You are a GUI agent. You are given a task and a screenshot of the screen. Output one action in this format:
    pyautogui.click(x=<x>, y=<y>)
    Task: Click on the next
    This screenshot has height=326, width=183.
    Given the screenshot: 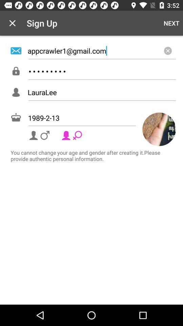 What is the action you would take?
    pyautogui.click(x=171, y=23)
    